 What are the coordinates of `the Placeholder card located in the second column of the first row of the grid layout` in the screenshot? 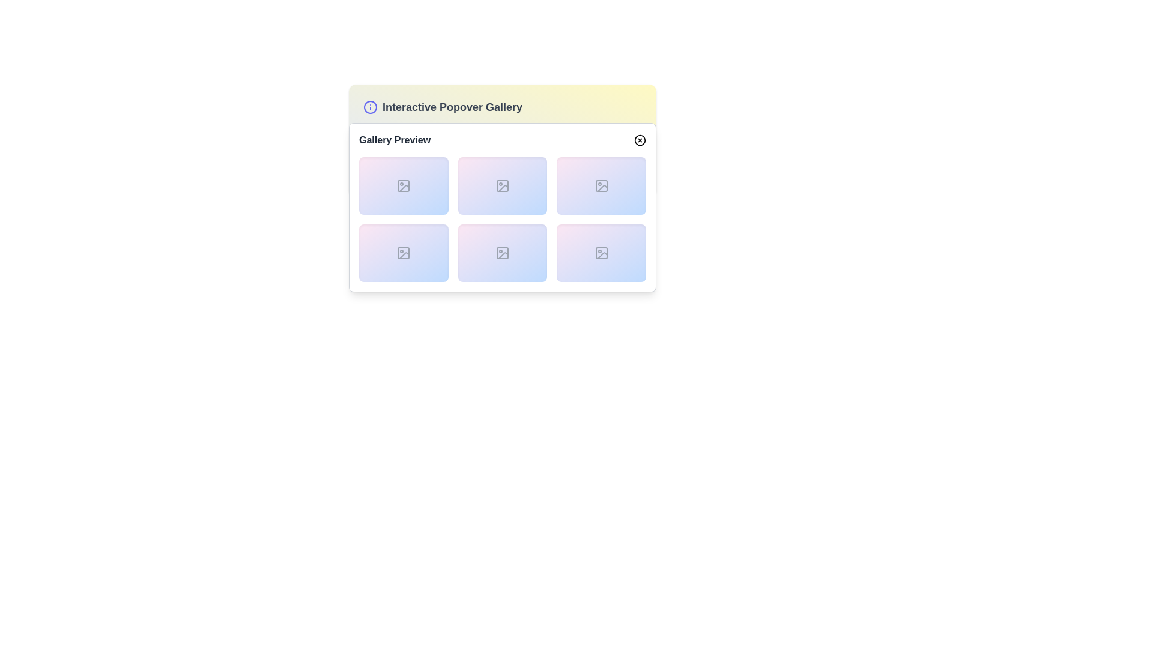 It's located at (502, 185).